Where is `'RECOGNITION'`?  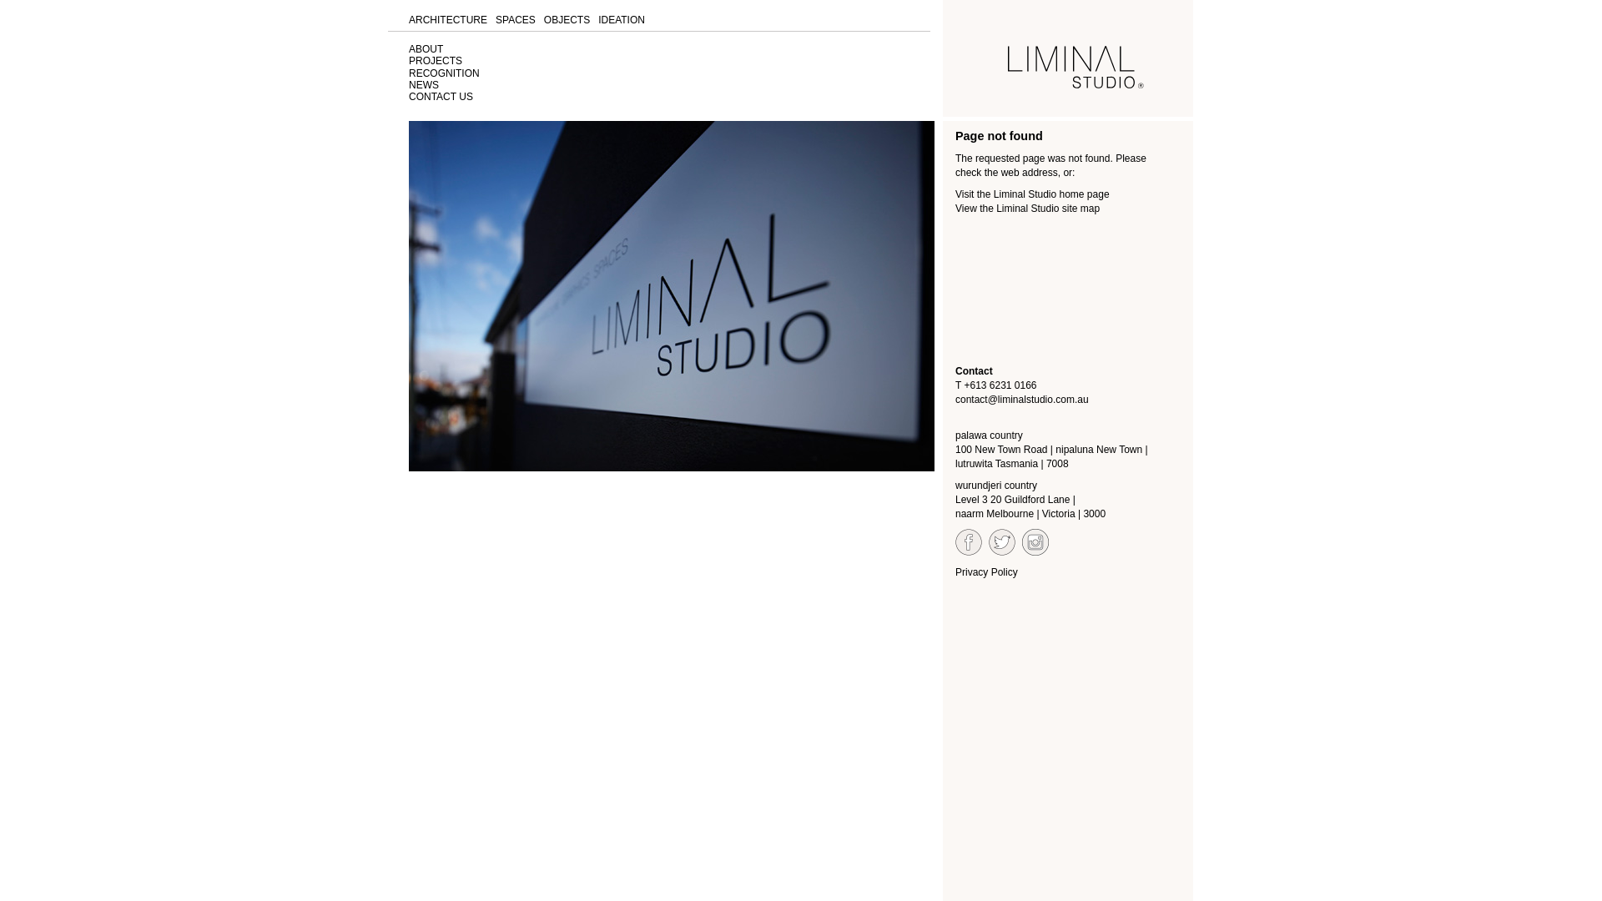
'RECOGNITION' is located at coordinates (444, 73).